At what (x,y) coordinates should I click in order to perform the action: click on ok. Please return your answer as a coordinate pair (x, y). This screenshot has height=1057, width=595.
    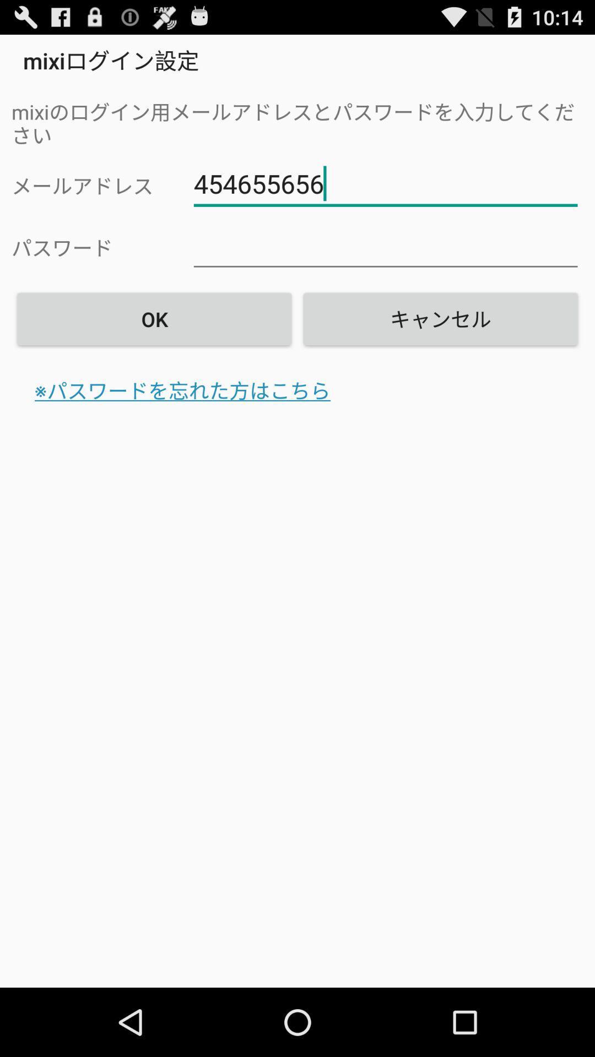
    Looking at the image, I should click on (154, 318).